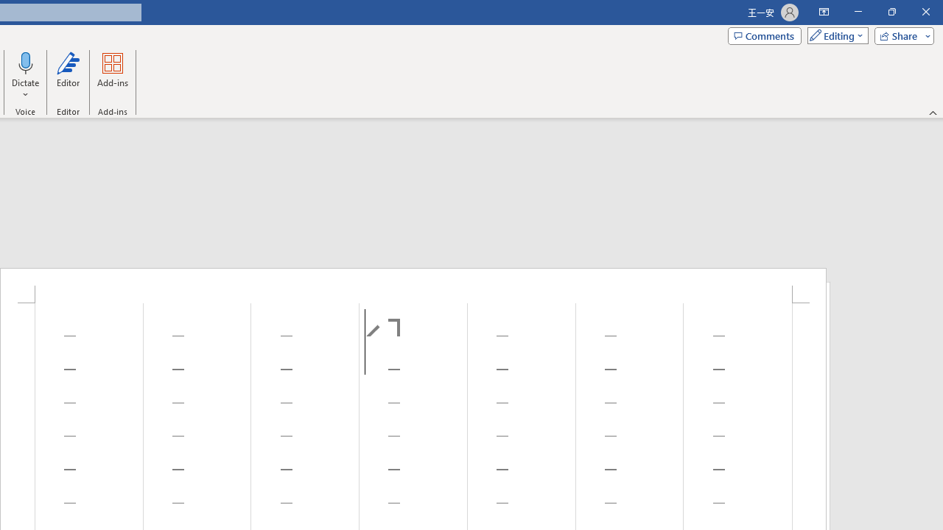 The image size is (943, 530). What do you see at coordinates (933, 112) in the screenshot?
I see `'Collapse the Ribbon'` at bounding box center [933, 112].